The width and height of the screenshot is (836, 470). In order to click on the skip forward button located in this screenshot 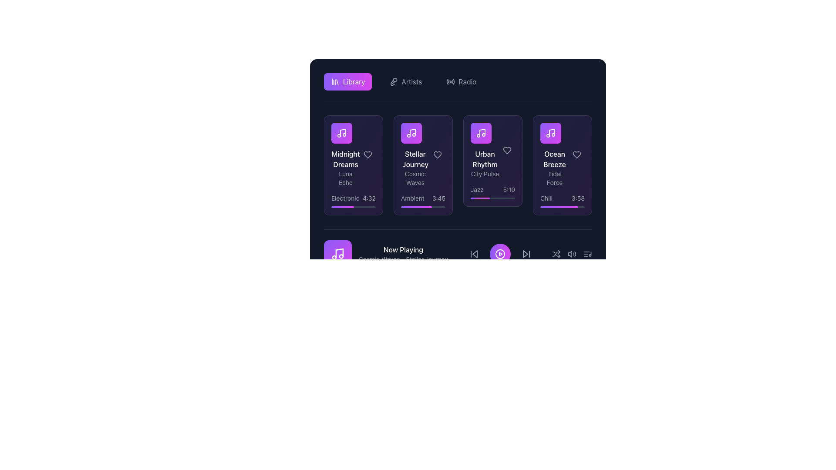, I will do `click(526, 254)`.